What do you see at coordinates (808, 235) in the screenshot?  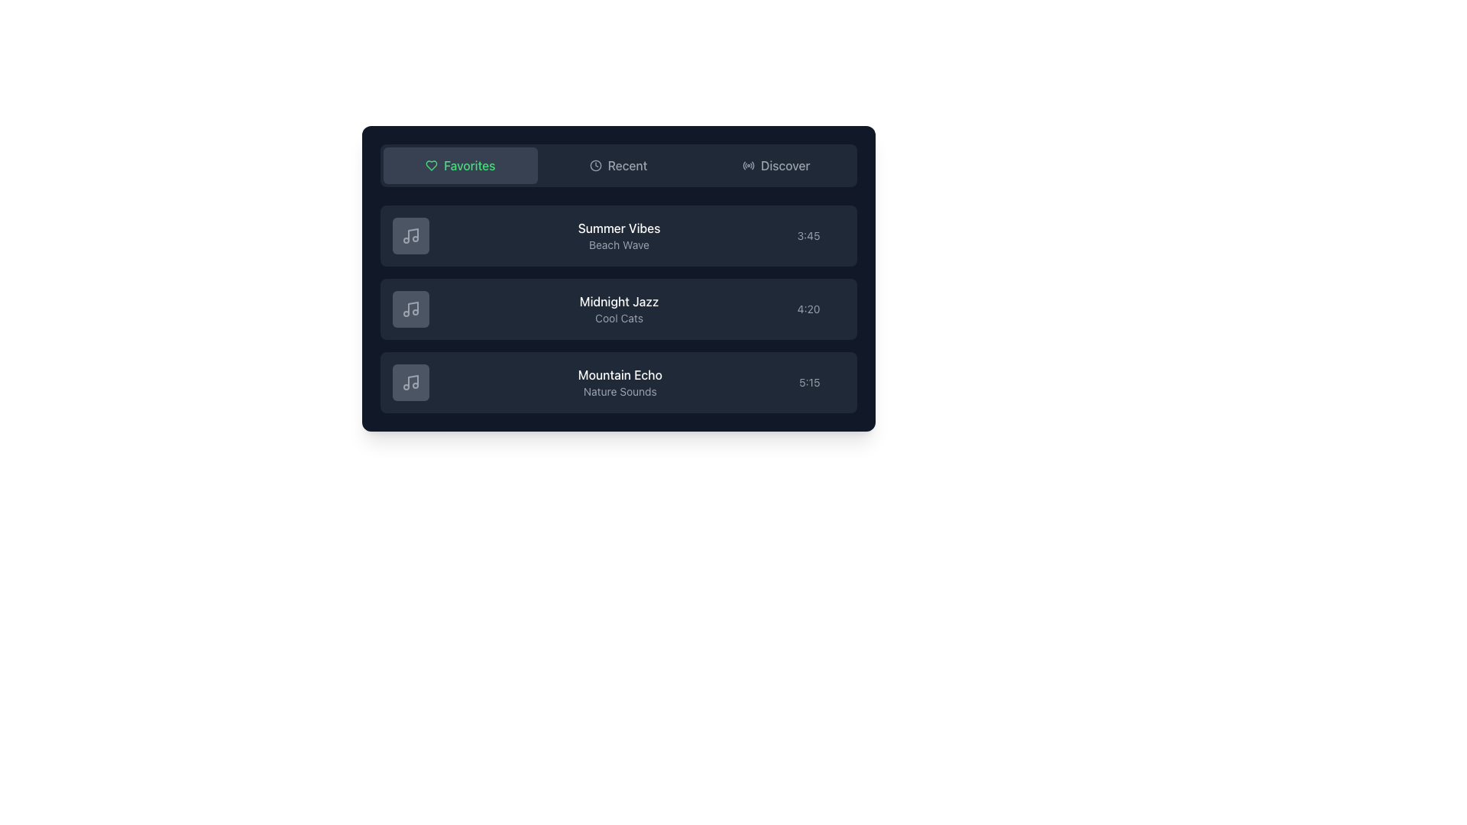 I see `the text label displaying the duration of the associated item in the top-right corner of the first row in the vertical list structure` at bounding box center [808, 235].